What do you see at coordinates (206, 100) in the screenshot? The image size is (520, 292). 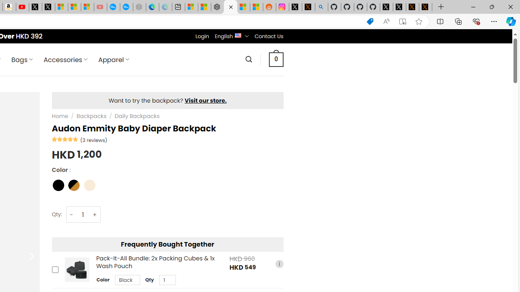 I see `'Visit our store.'` at bounding box center [206, 100].